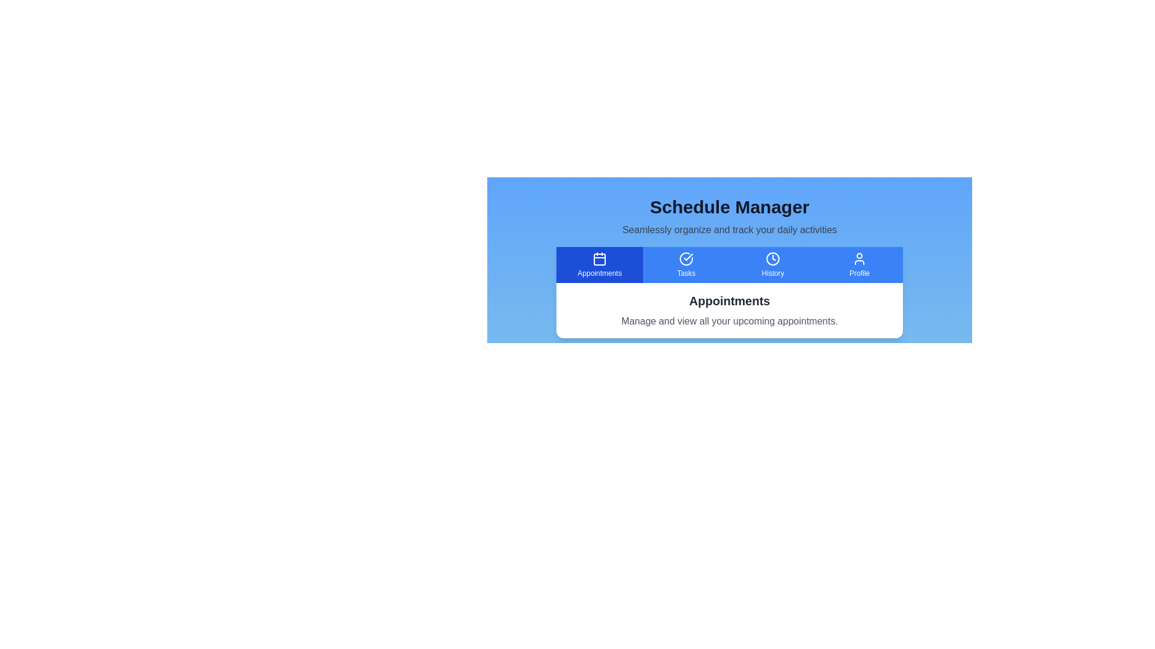 This screenshot has height=649, width=1155. What do you see at coordinates (859, 273) in the screenshot?
I see `the text label that provides context for the user profile icon in the navigation bar, located below the user icon on the far right` at bounding box center [859, 273].